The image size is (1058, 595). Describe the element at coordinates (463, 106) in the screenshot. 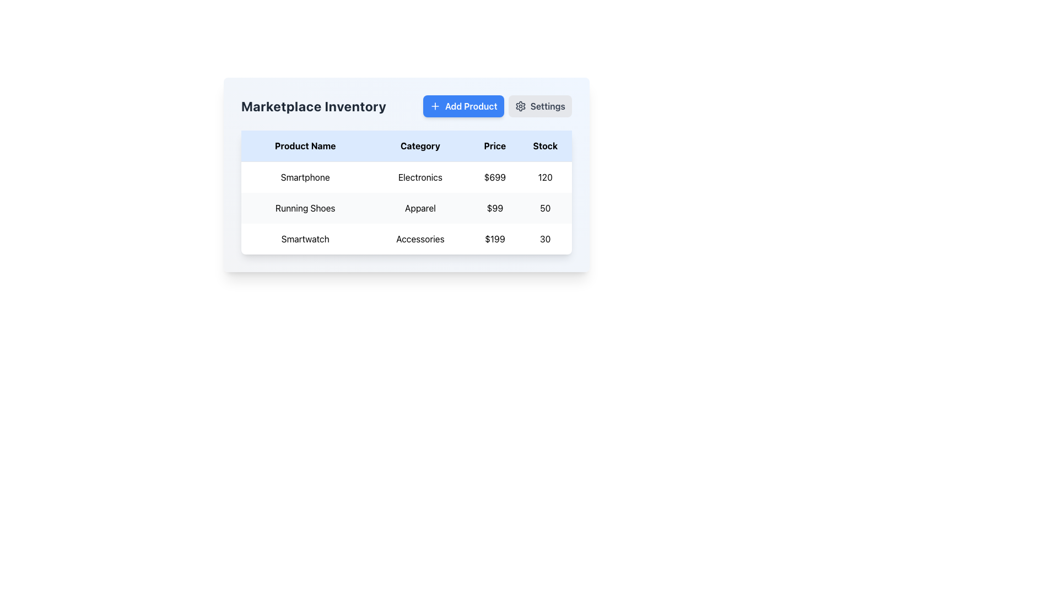

I see `the 'Add Product' button located in the top-right section of the interface, positioned just to the left of the 'Settings' button` at that location.